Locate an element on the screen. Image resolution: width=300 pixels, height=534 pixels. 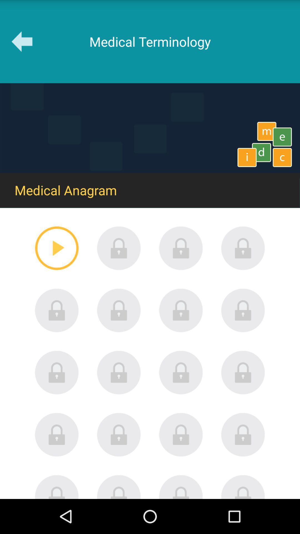
the lock icon is located at coordinates (119, 398).